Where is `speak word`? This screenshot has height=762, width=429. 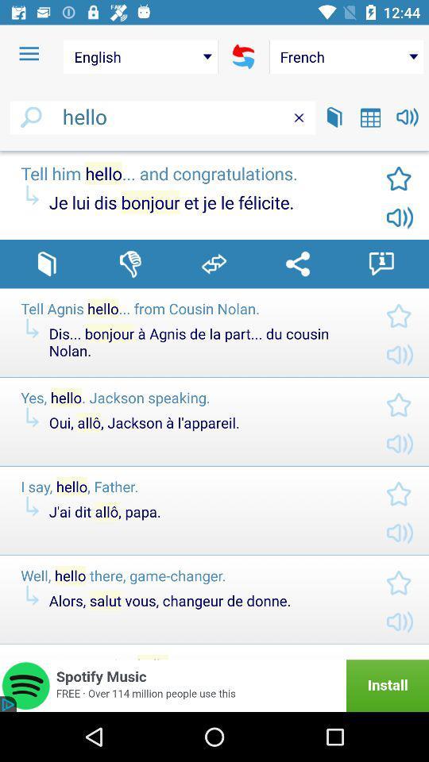
speak word is located at coordinates (408, 116).